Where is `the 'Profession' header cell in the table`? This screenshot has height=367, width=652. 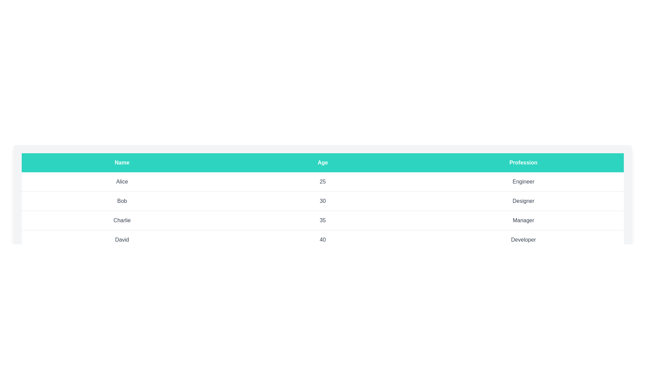
the 'Profession' header cell in the table is located at coordinates (523, 162).